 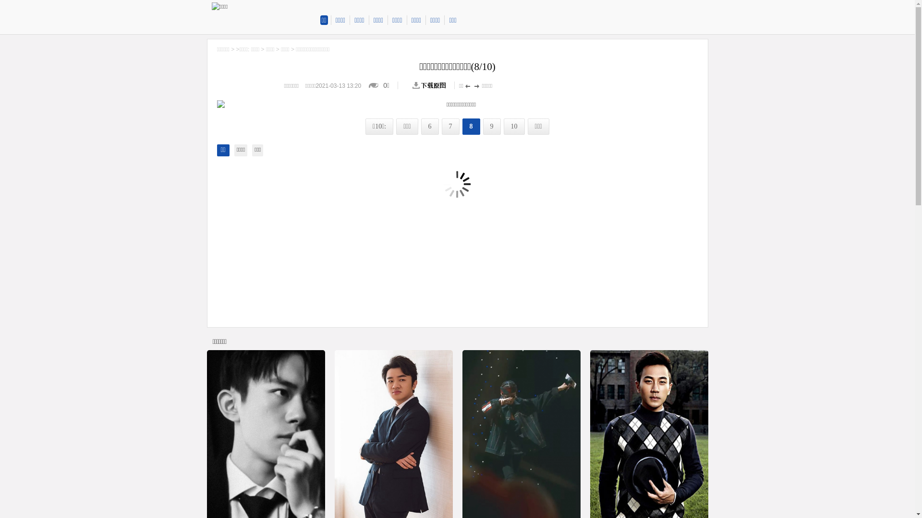 I want to click on '6', so click(x=429, y=126).